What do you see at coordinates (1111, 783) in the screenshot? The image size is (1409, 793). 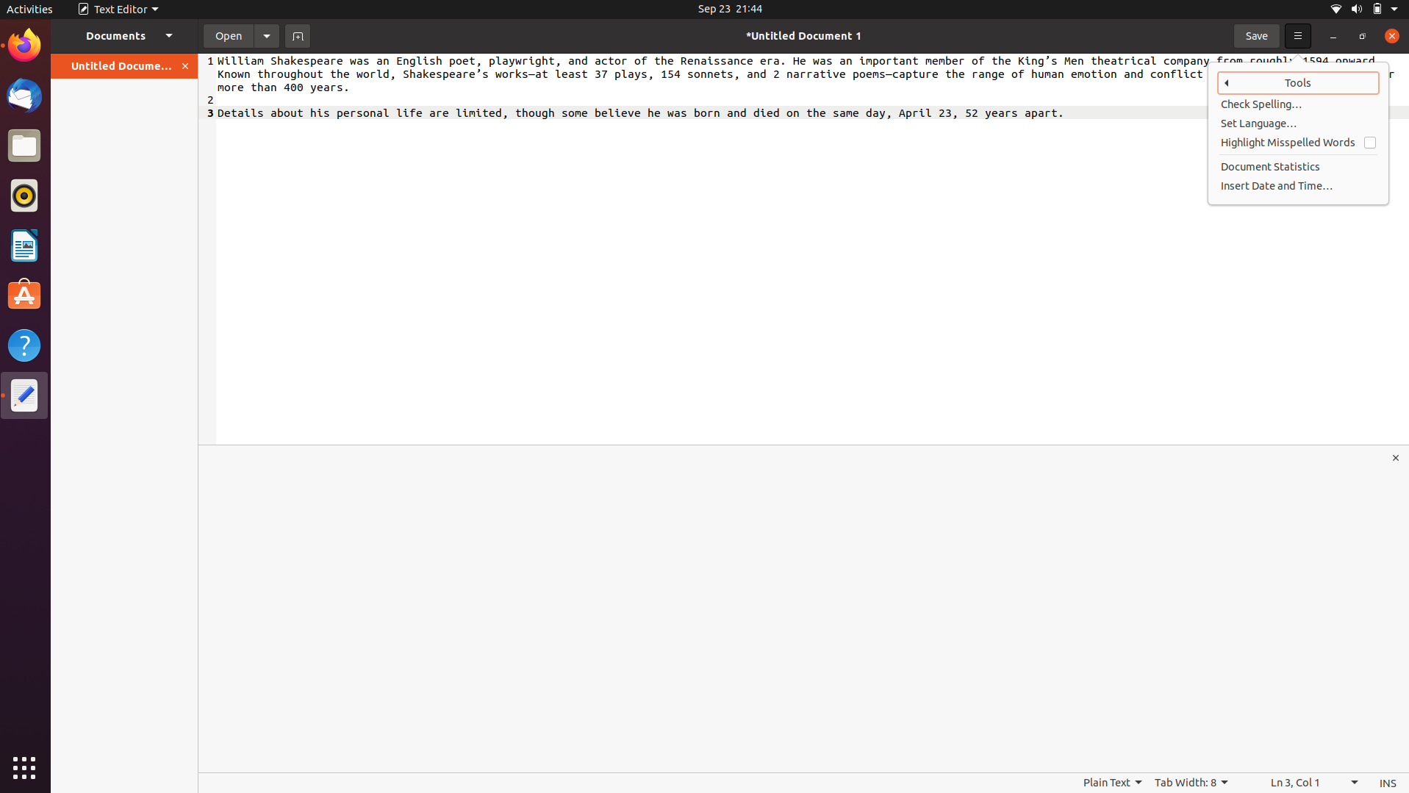 I see `Investigate alternatives to simple text format` at bounding box center [1111, 783].